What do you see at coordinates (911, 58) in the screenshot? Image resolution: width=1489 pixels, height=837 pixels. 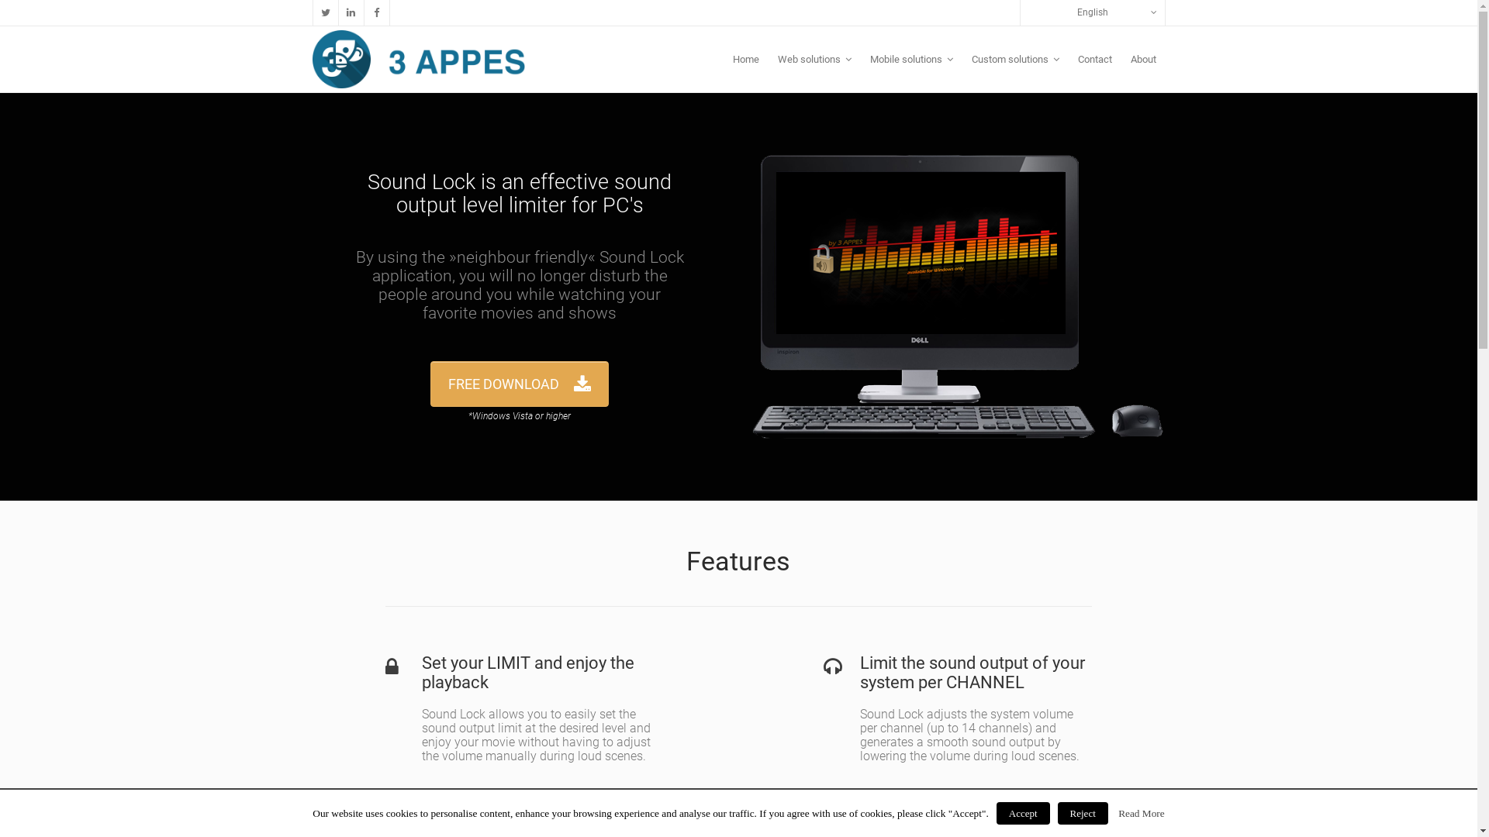 I see `'Mobile solutions'` at bounding box center [911, 58].